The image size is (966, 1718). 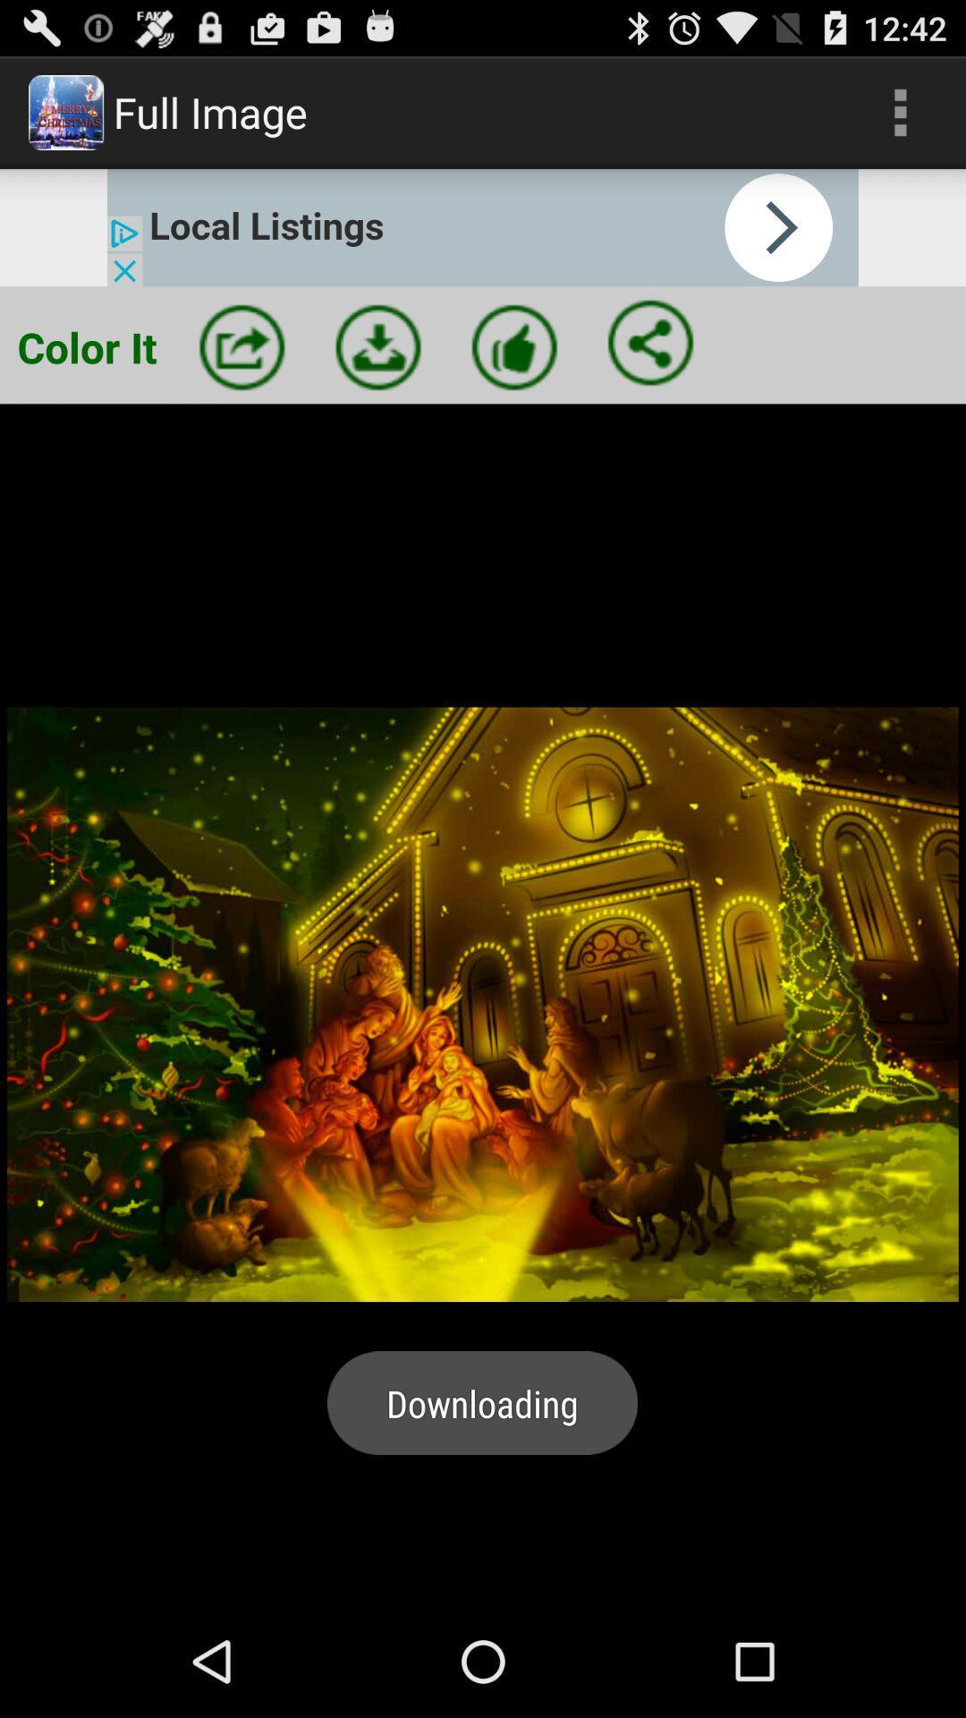 What do you see at coordinates (650, 366) in the screenshot?
I see `the share icon` at bounding box center [650, 366].